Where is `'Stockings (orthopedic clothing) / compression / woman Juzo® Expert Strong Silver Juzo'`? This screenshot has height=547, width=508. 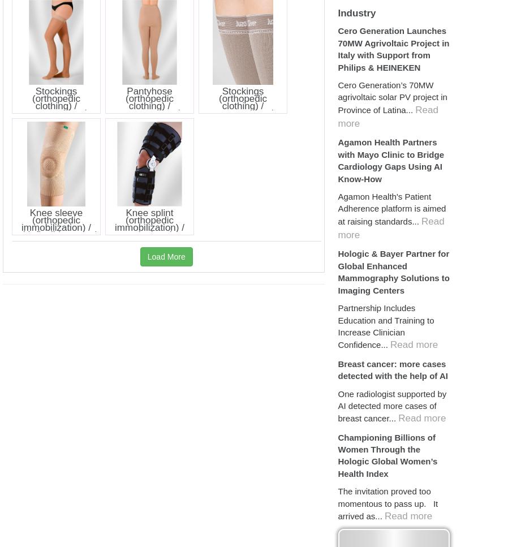 'Stockings (orthopedic clothing) / compression / woman Juzo® Expert Strong Silver Juzo' is located at coordinates (212, 112).